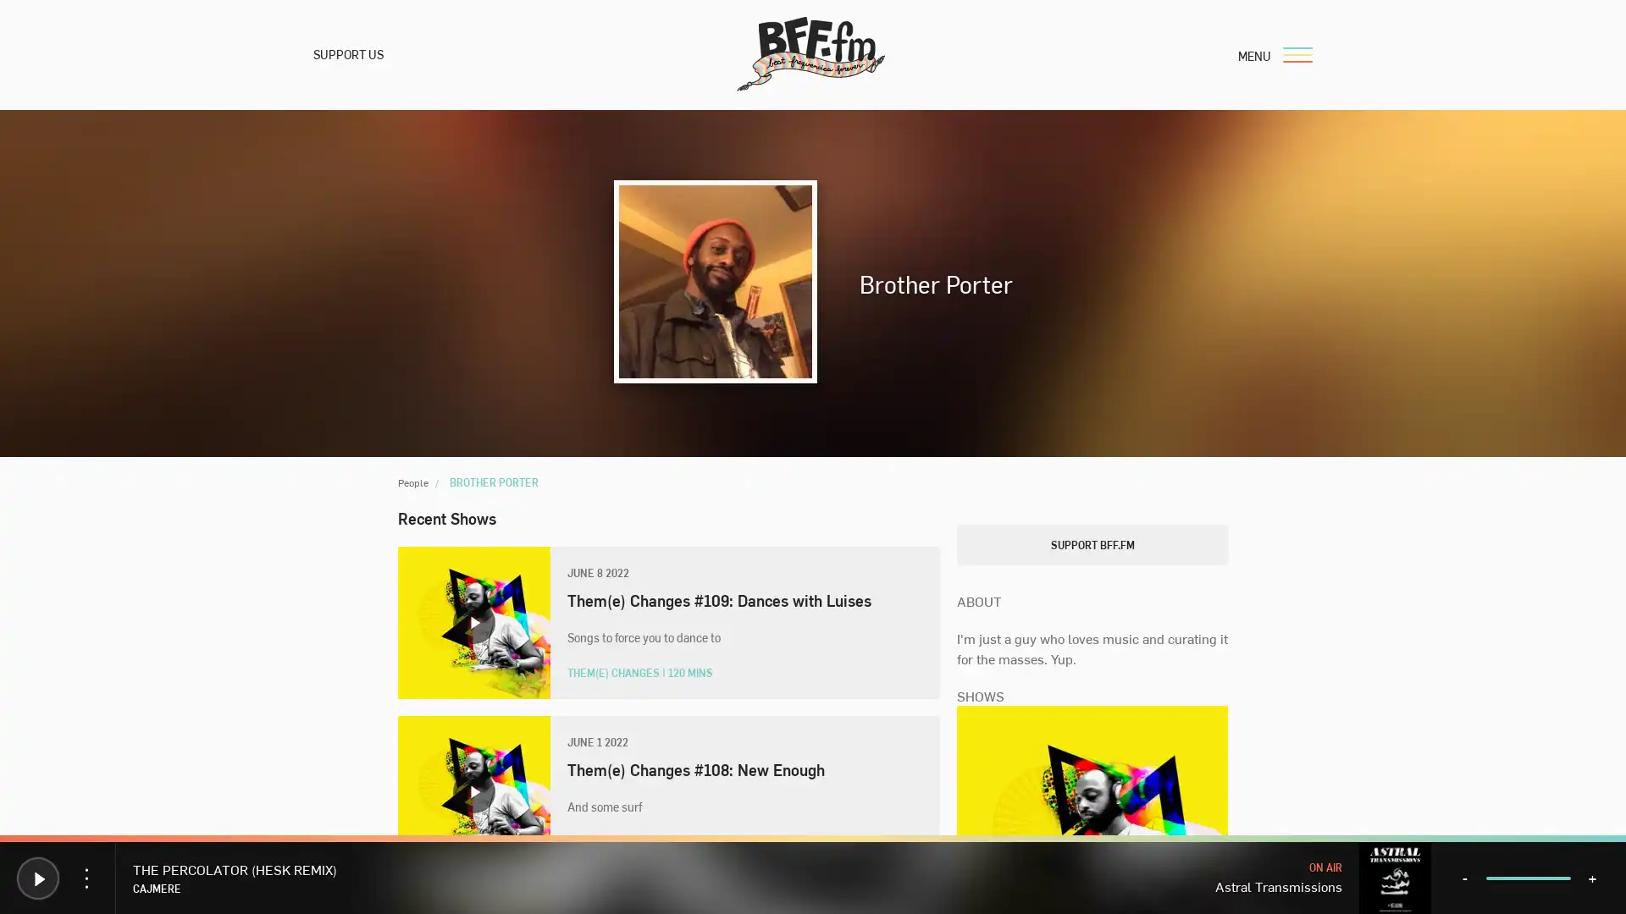 This screenshot has height=914, width=1626. Describe the element at coordinates (16, 859) in the screenshot. I see `Play Play BFF.fm Live Radio` at that location.